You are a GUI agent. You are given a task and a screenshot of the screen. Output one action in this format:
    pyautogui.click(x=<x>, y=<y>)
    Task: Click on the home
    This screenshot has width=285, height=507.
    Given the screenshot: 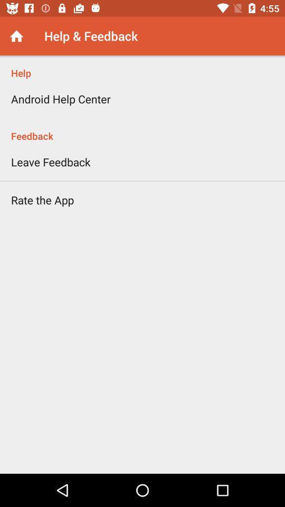 What is the action you would take?
    pyautogui.click(x=16, y=36)
    